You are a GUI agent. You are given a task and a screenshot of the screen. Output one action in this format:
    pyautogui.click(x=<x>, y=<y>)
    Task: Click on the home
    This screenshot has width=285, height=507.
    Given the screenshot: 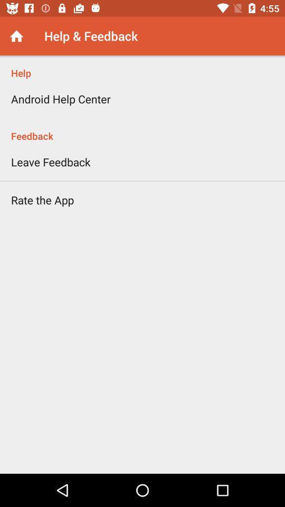 What is the action you would take?
    pyautogui.click(x=16, y=36)
    